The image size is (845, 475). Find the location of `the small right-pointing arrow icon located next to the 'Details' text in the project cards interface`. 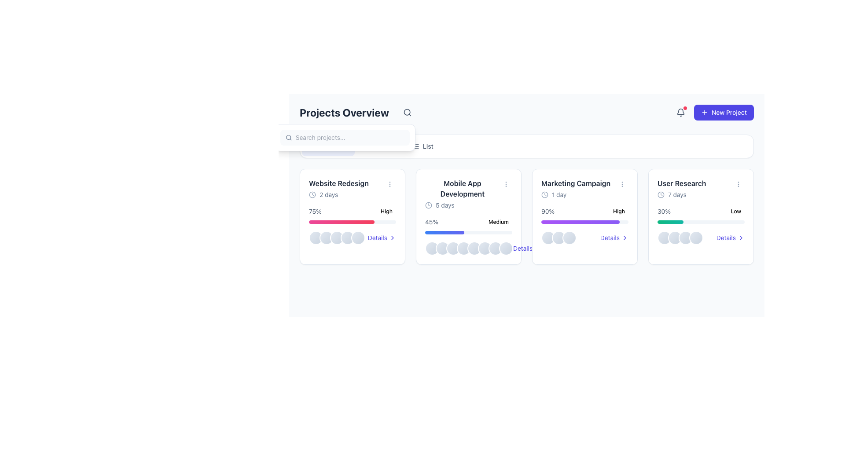

the small right-pointing arrow icon located next to the 'Details' text in the project cards interface is located at coordinates (625, 237).